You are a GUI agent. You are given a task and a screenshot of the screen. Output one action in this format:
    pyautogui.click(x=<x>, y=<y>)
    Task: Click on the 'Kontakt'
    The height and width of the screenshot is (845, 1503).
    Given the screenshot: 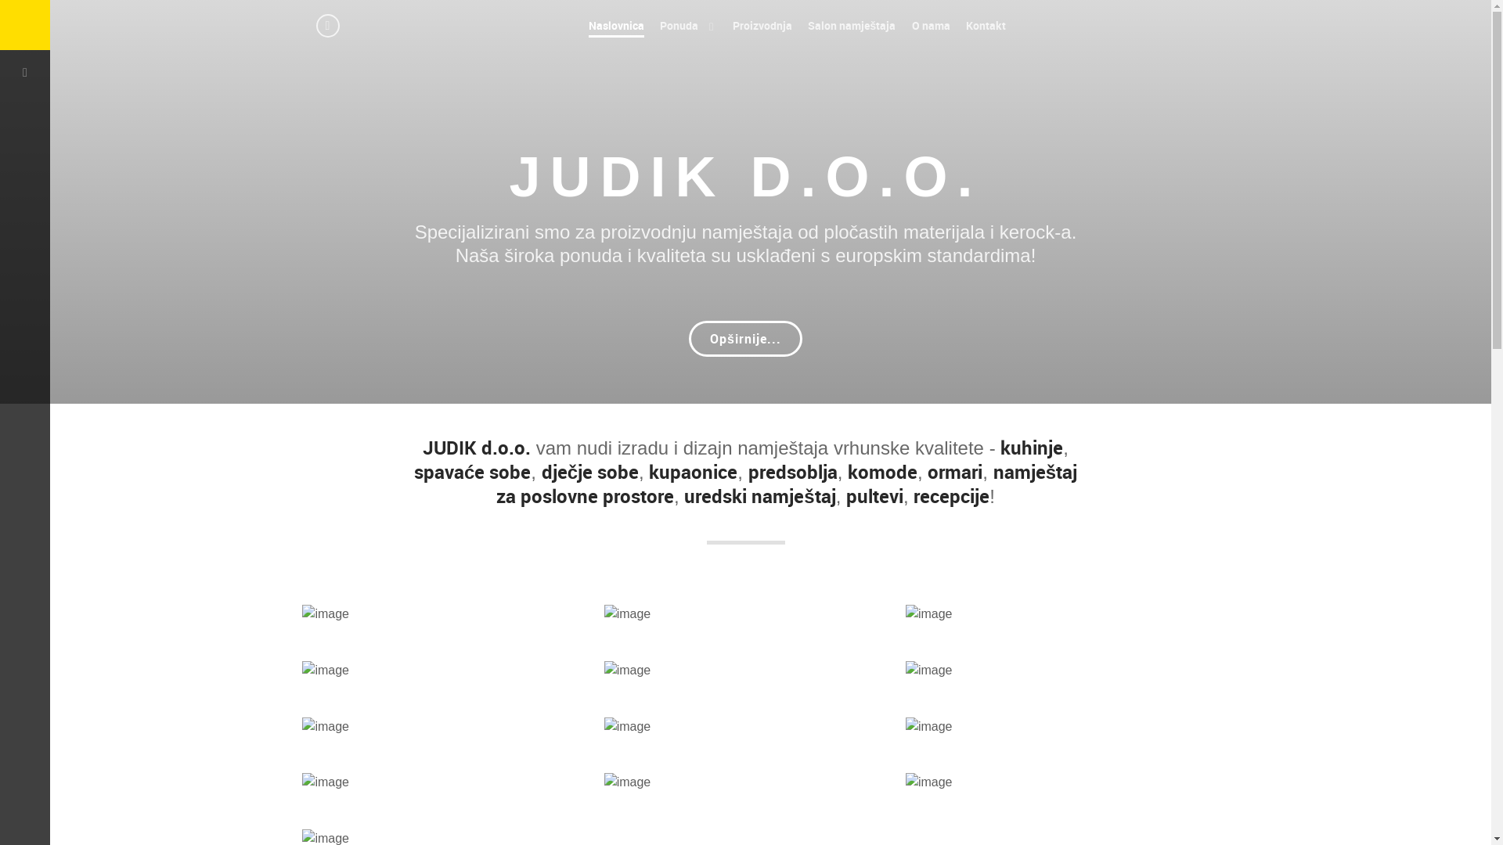 What is the action you would take?
    pyautogui.click(x=985, y=25)
    